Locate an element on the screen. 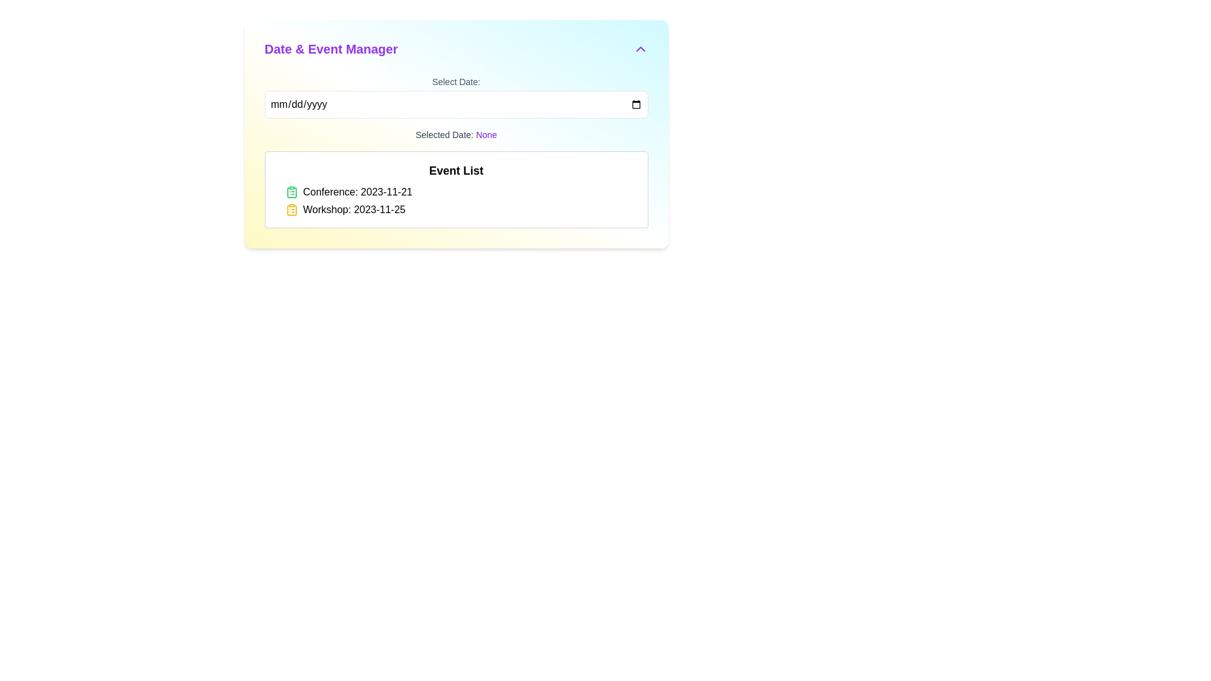  provided event information from the list of events displayed in the lower part of the 'Event List' section beneath the title 'Event List' is located at coordinates (455, 201).